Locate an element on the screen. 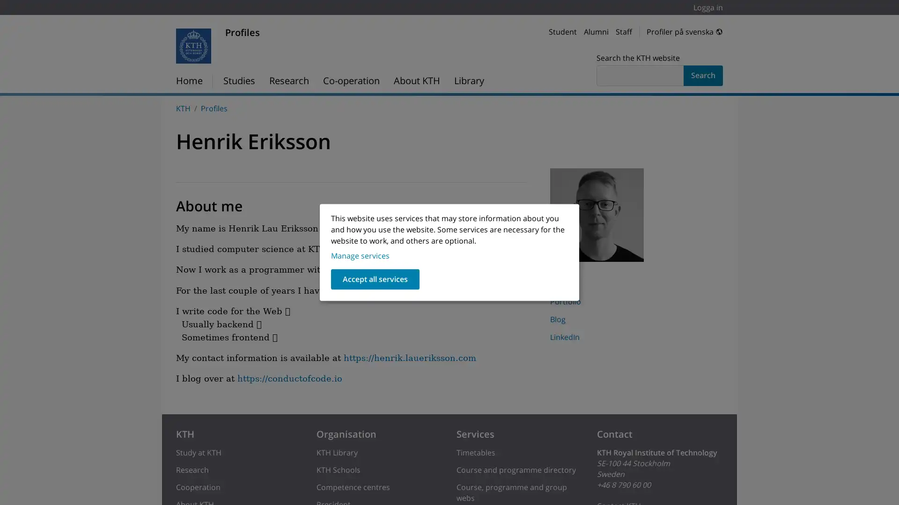  Search is located at coordinates (703, 75).